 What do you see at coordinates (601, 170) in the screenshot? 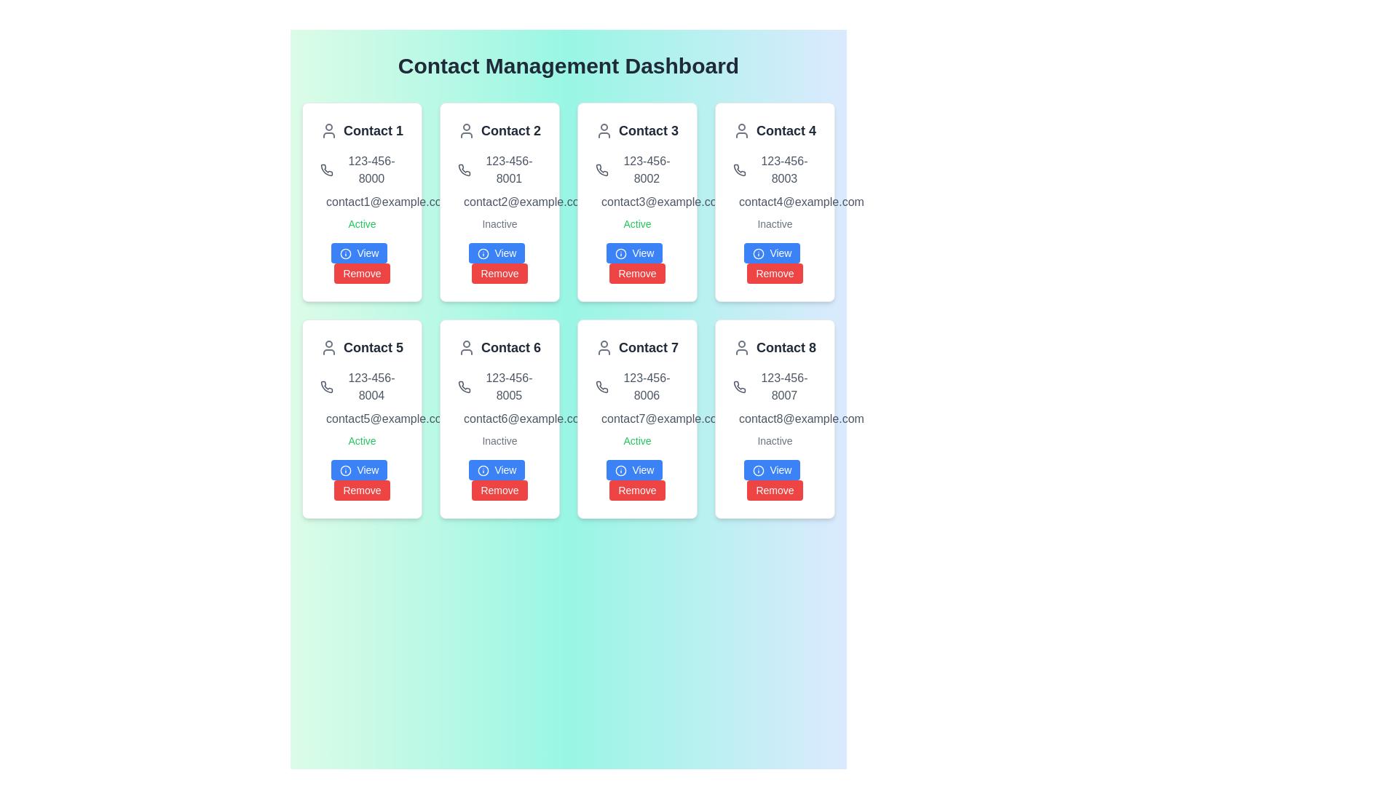
I see `the telephone receiver icon` at bounding box center [601, 170].